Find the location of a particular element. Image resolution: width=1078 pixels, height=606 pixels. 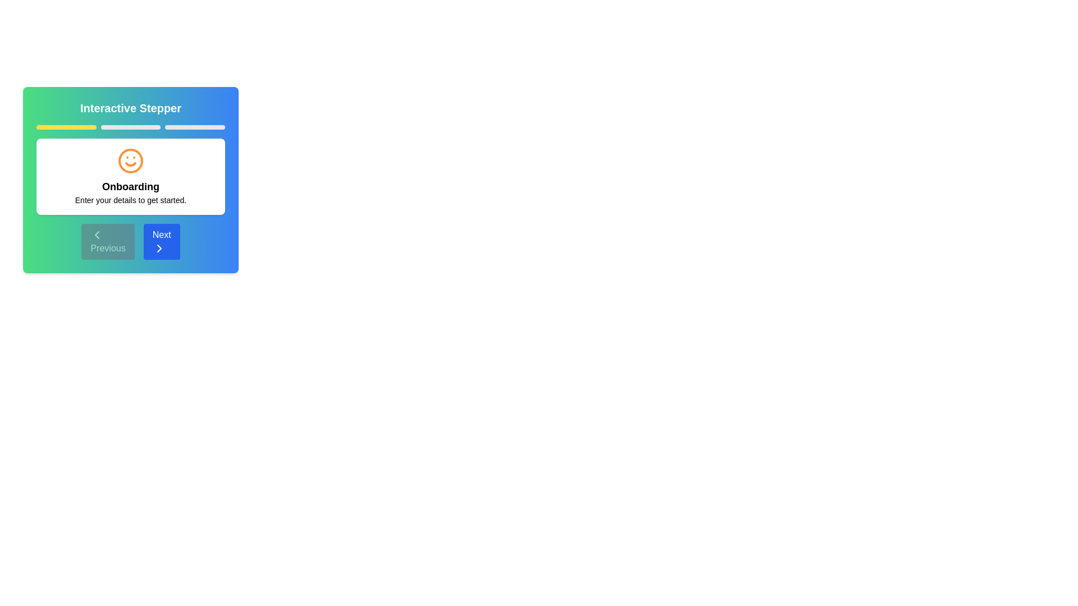

'Next' button to proceed to the next step is located at coordinates (161, 241).